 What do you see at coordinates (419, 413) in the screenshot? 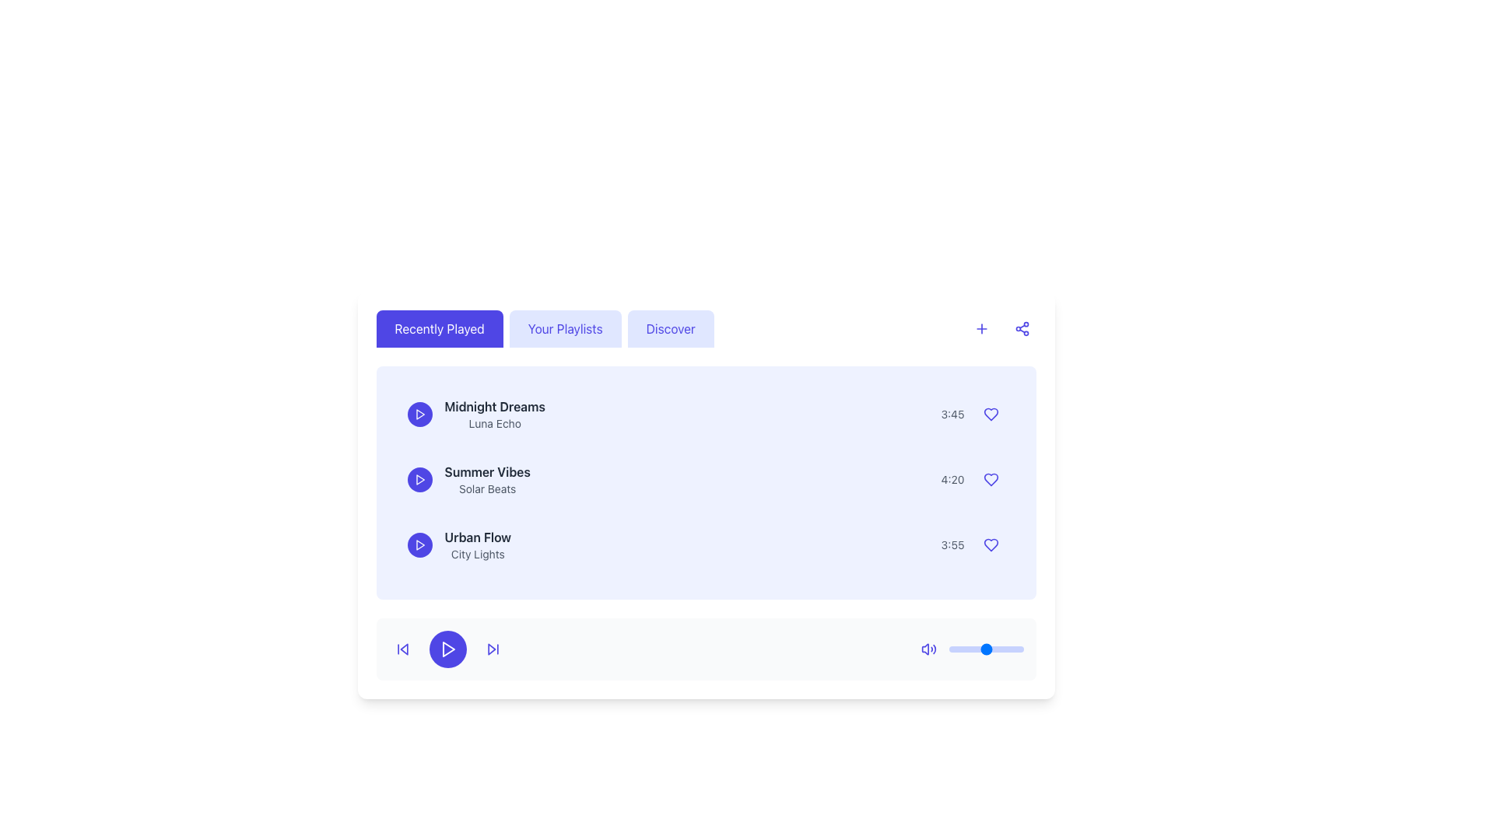
I see `the circular button with a purple background and a white play icon, located to the left of the 'Midnight Dreams' text, to play the song` at bounding box center [419, 413].